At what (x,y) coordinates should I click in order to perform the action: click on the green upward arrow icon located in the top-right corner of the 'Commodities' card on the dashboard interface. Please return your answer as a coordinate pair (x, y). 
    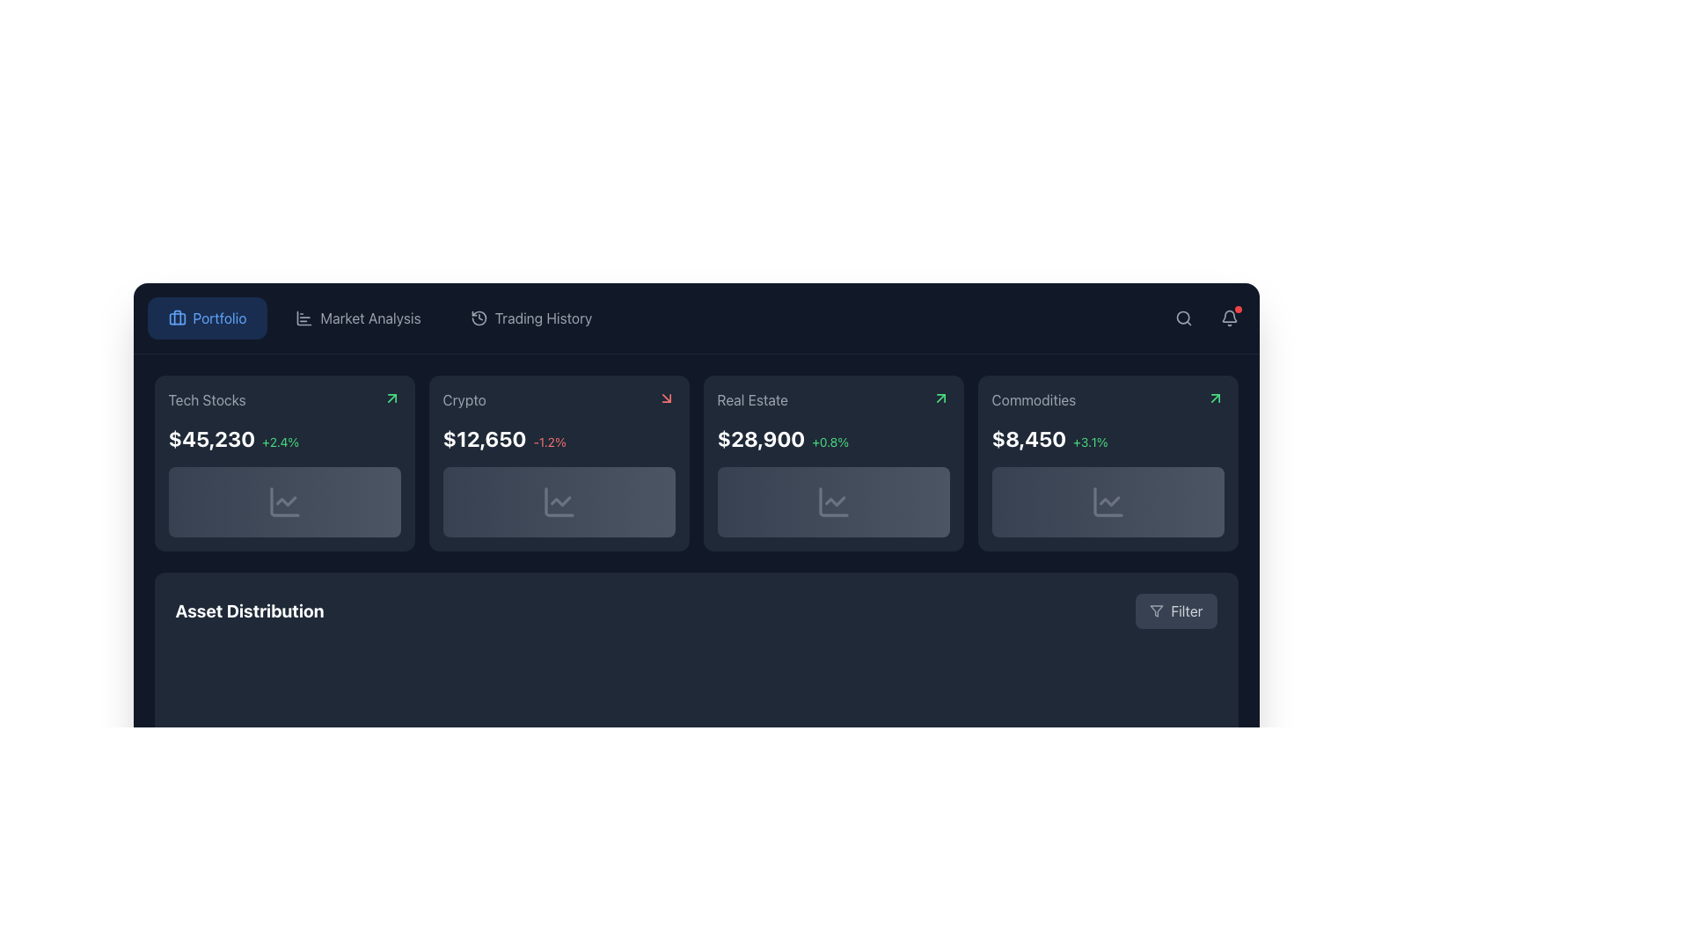
    Looking at the image, I should click on (1214, 398).